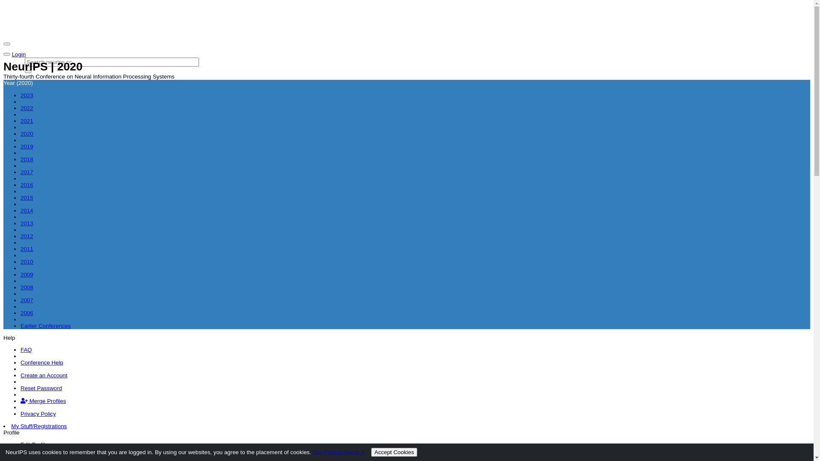 The image size is (820, 461). What do you see at coordinates (45, 326) in the screenshot?
I see `'Earlier Conferences'` at bounding box center [45, 326].